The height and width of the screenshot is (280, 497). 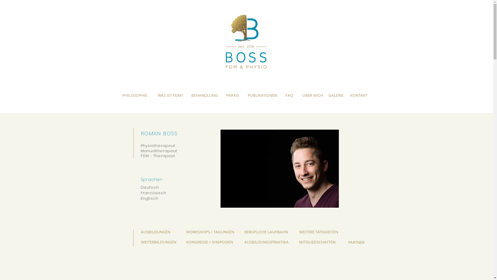 What do you see at coordinates (158, 242) in the screenshot?
I see `'WEITERBILDUNGEN'` at bounding box center [158, 242].